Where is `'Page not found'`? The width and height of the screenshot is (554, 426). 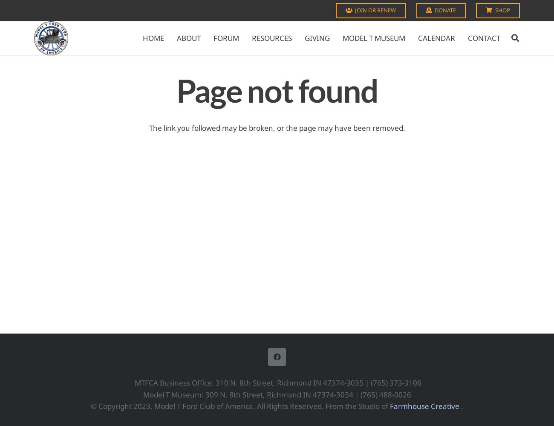
'Page not found' is located at coordinates (176, 90).